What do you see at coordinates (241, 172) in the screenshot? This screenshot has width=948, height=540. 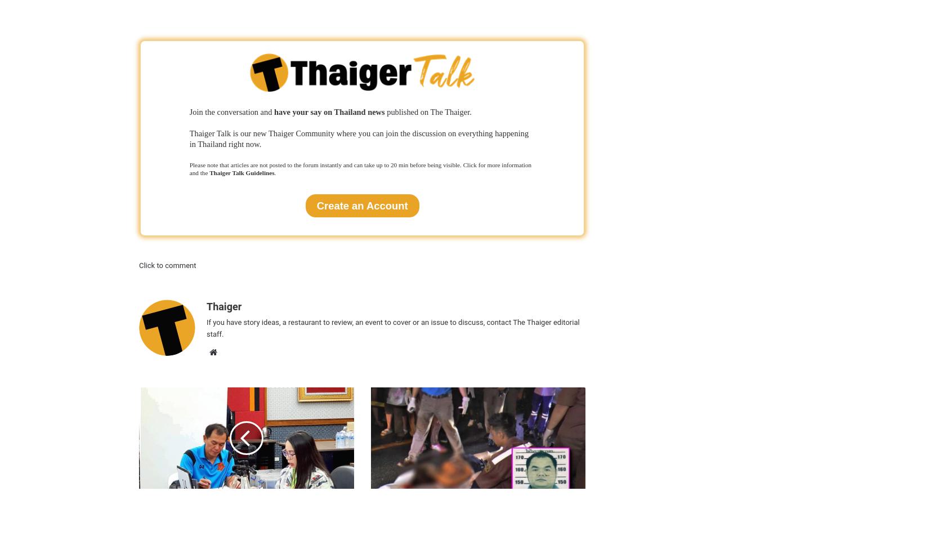 I see `'Thaiger Talk Guidelines'` at bounding box center [241, 172].